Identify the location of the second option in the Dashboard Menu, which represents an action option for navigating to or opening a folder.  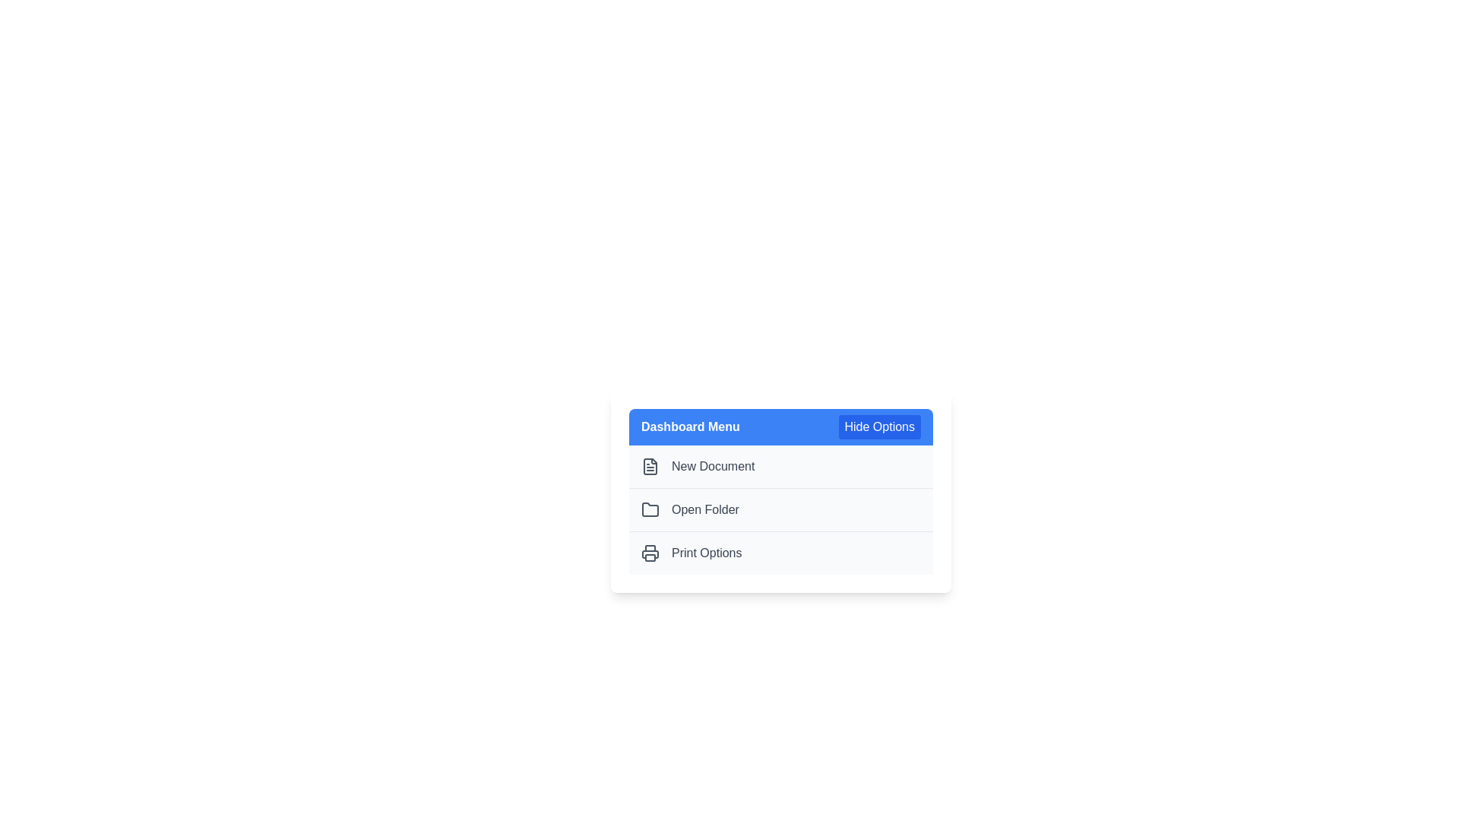
(780, 509).